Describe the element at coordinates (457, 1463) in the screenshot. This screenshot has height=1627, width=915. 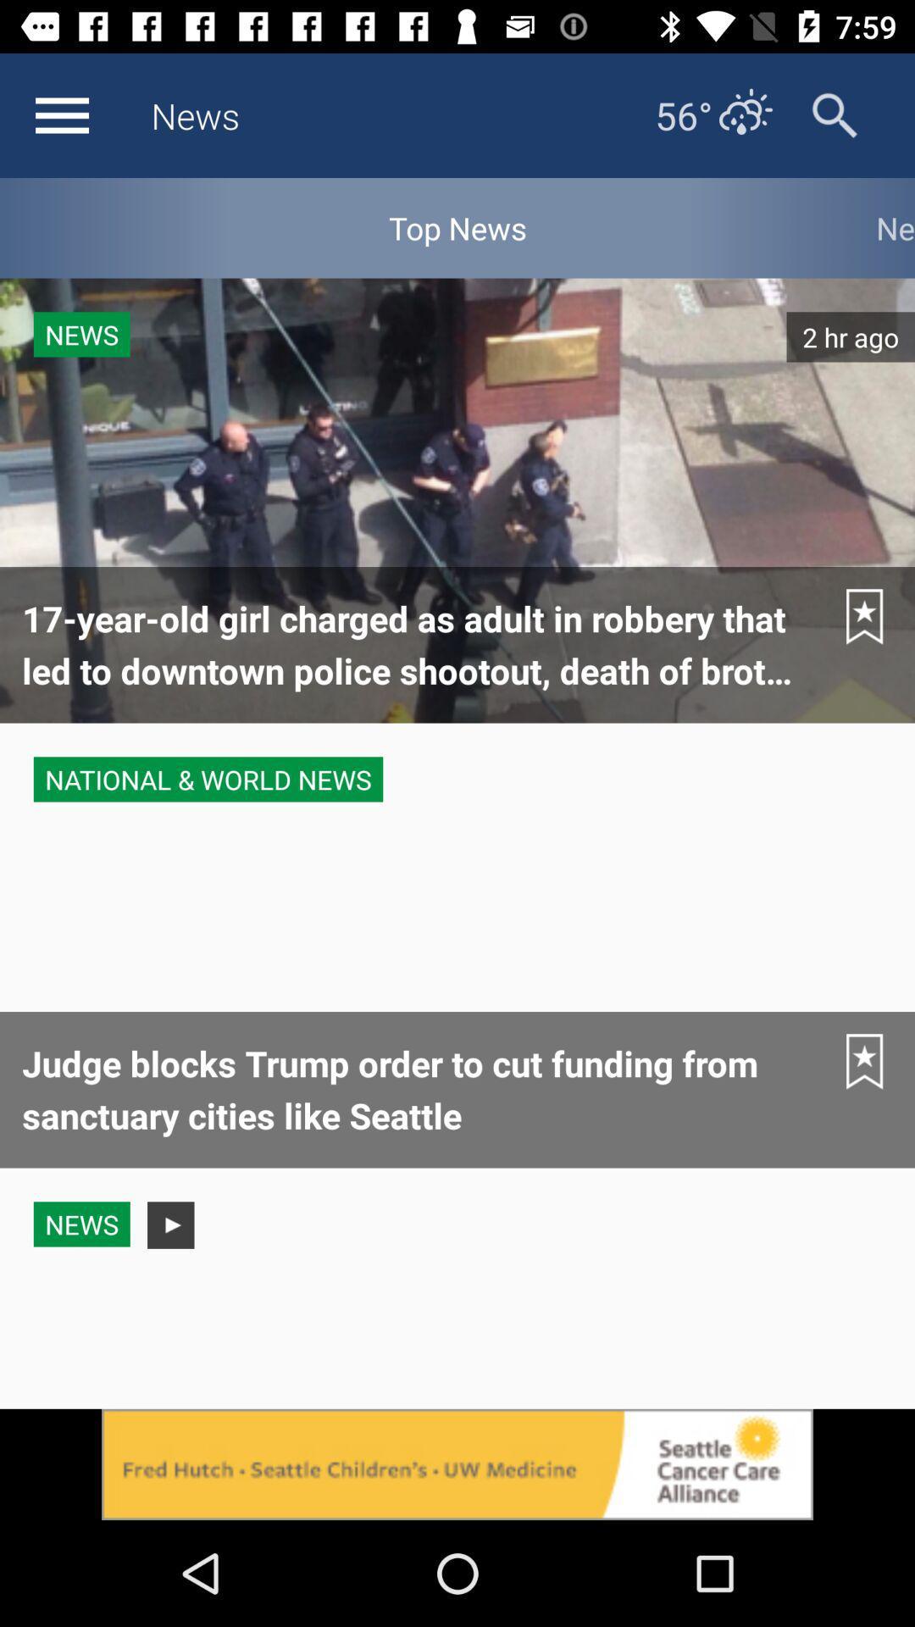
I see `advertisement` at that location.